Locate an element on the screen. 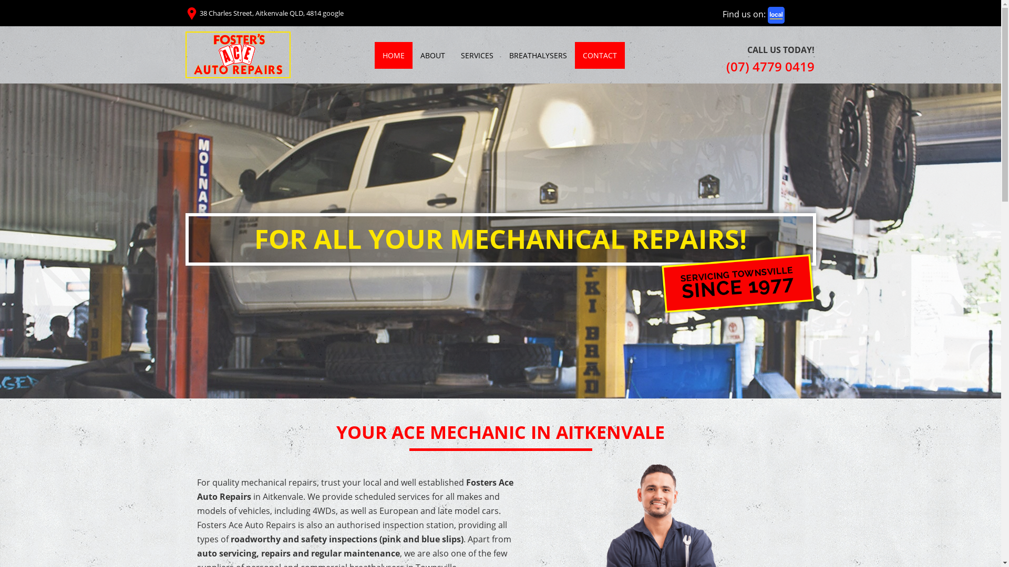 The width and height of the screenshot is (1009, 567). 'SERVICES' is located at coordinates (476, 55).